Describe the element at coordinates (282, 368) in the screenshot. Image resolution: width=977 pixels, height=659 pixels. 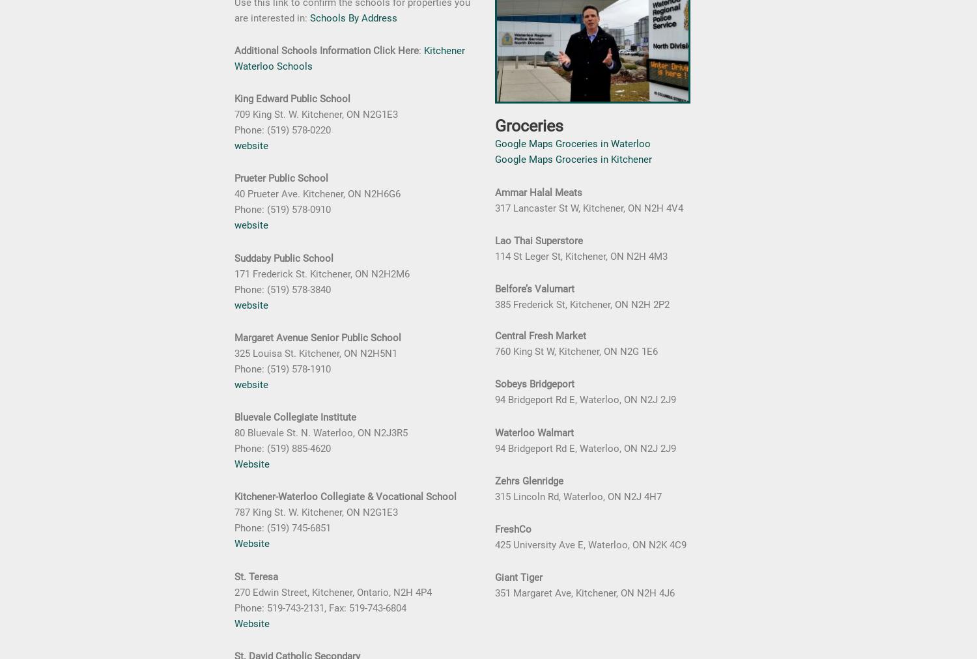
I see `'Phone: (519) 578-1910'` at that location.